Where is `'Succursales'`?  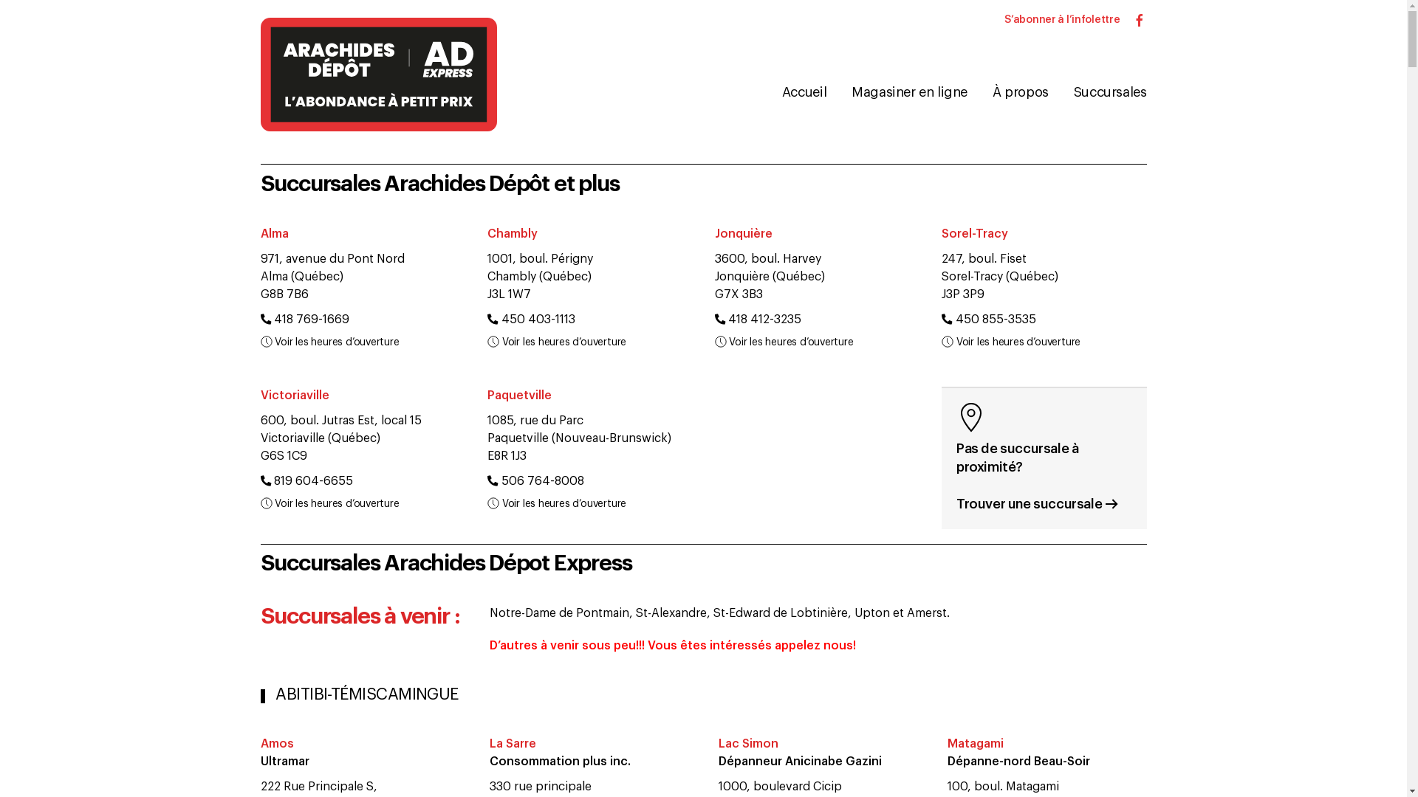 'Succursales' is located at coordinates (1109, 92).